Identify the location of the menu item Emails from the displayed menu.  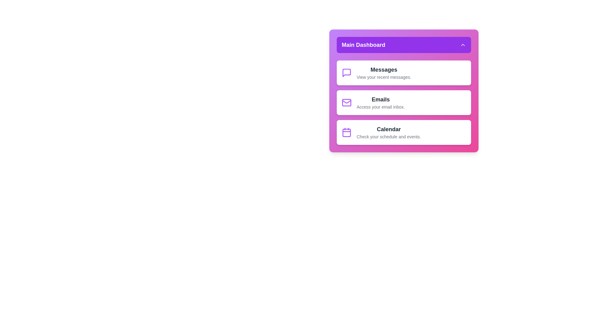
(404, 102).